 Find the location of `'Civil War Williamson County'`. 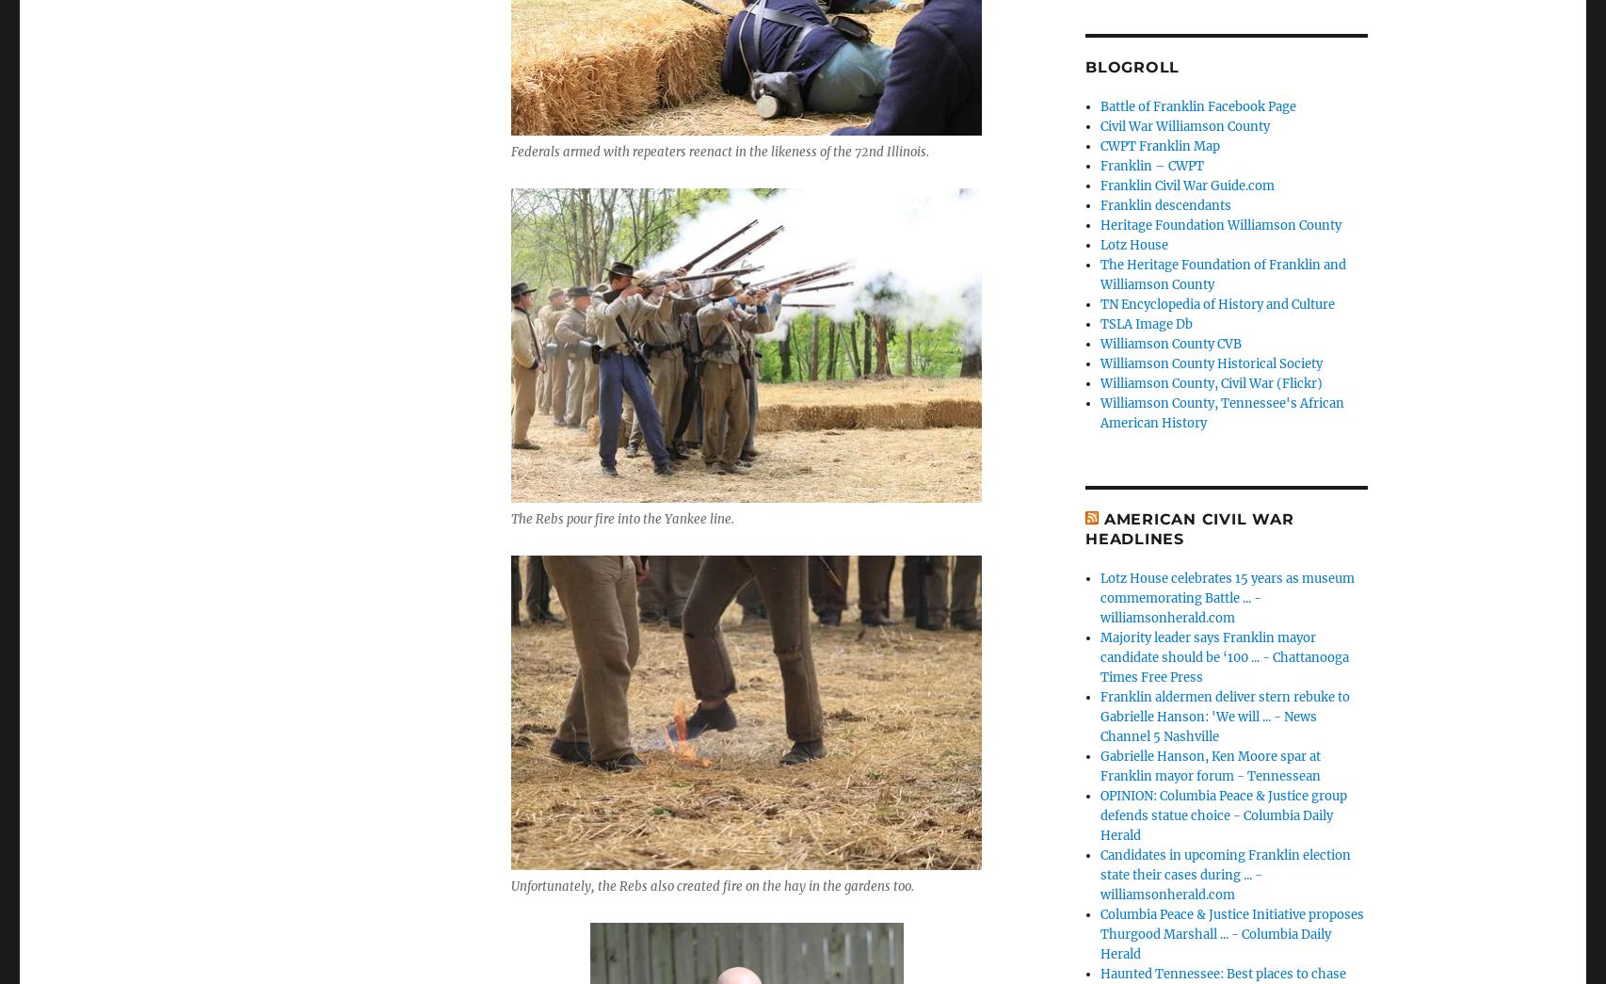

'Civil War Williamson County' is located at coordinates (1185, 124).